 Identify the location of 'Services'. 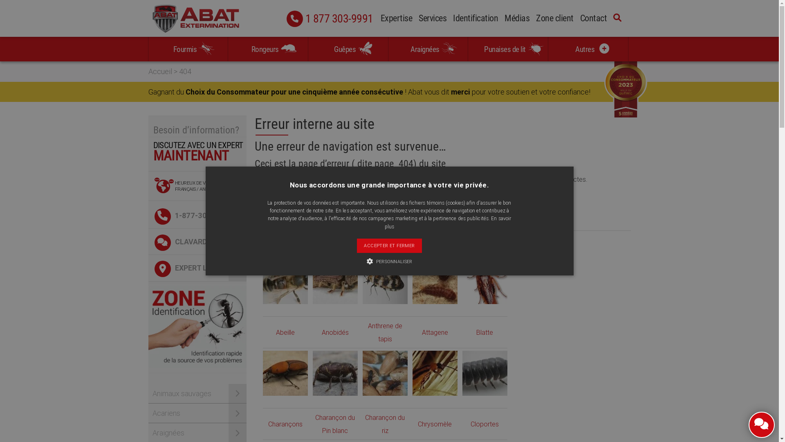
(432, 19).